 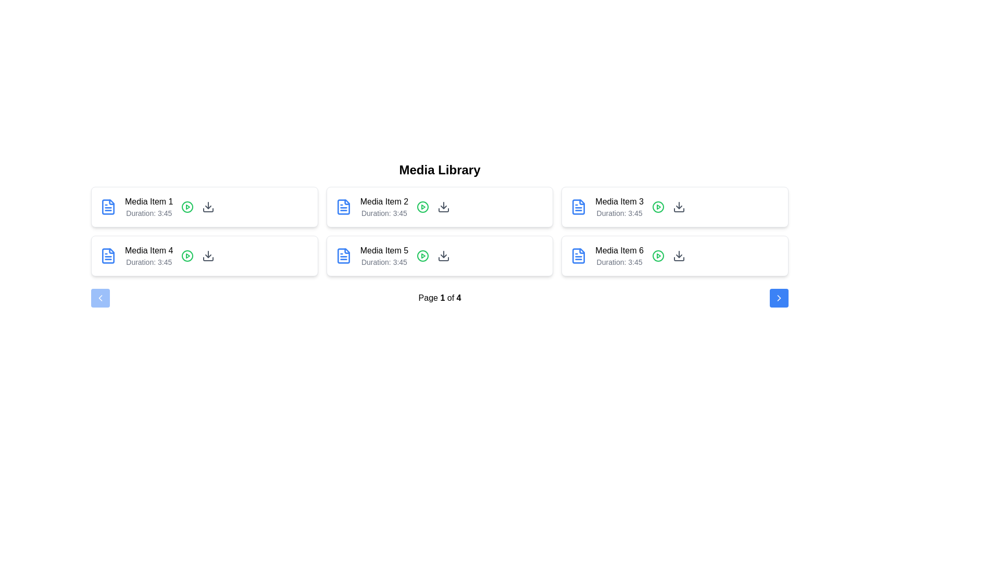 What do you see at coordinates (779, 298) in the screenshot?
I see `the right-pointing chevron icon button, which is styled with a thin and rounded line and enclosed within a blue circular button` at bounding box center [779, 298].